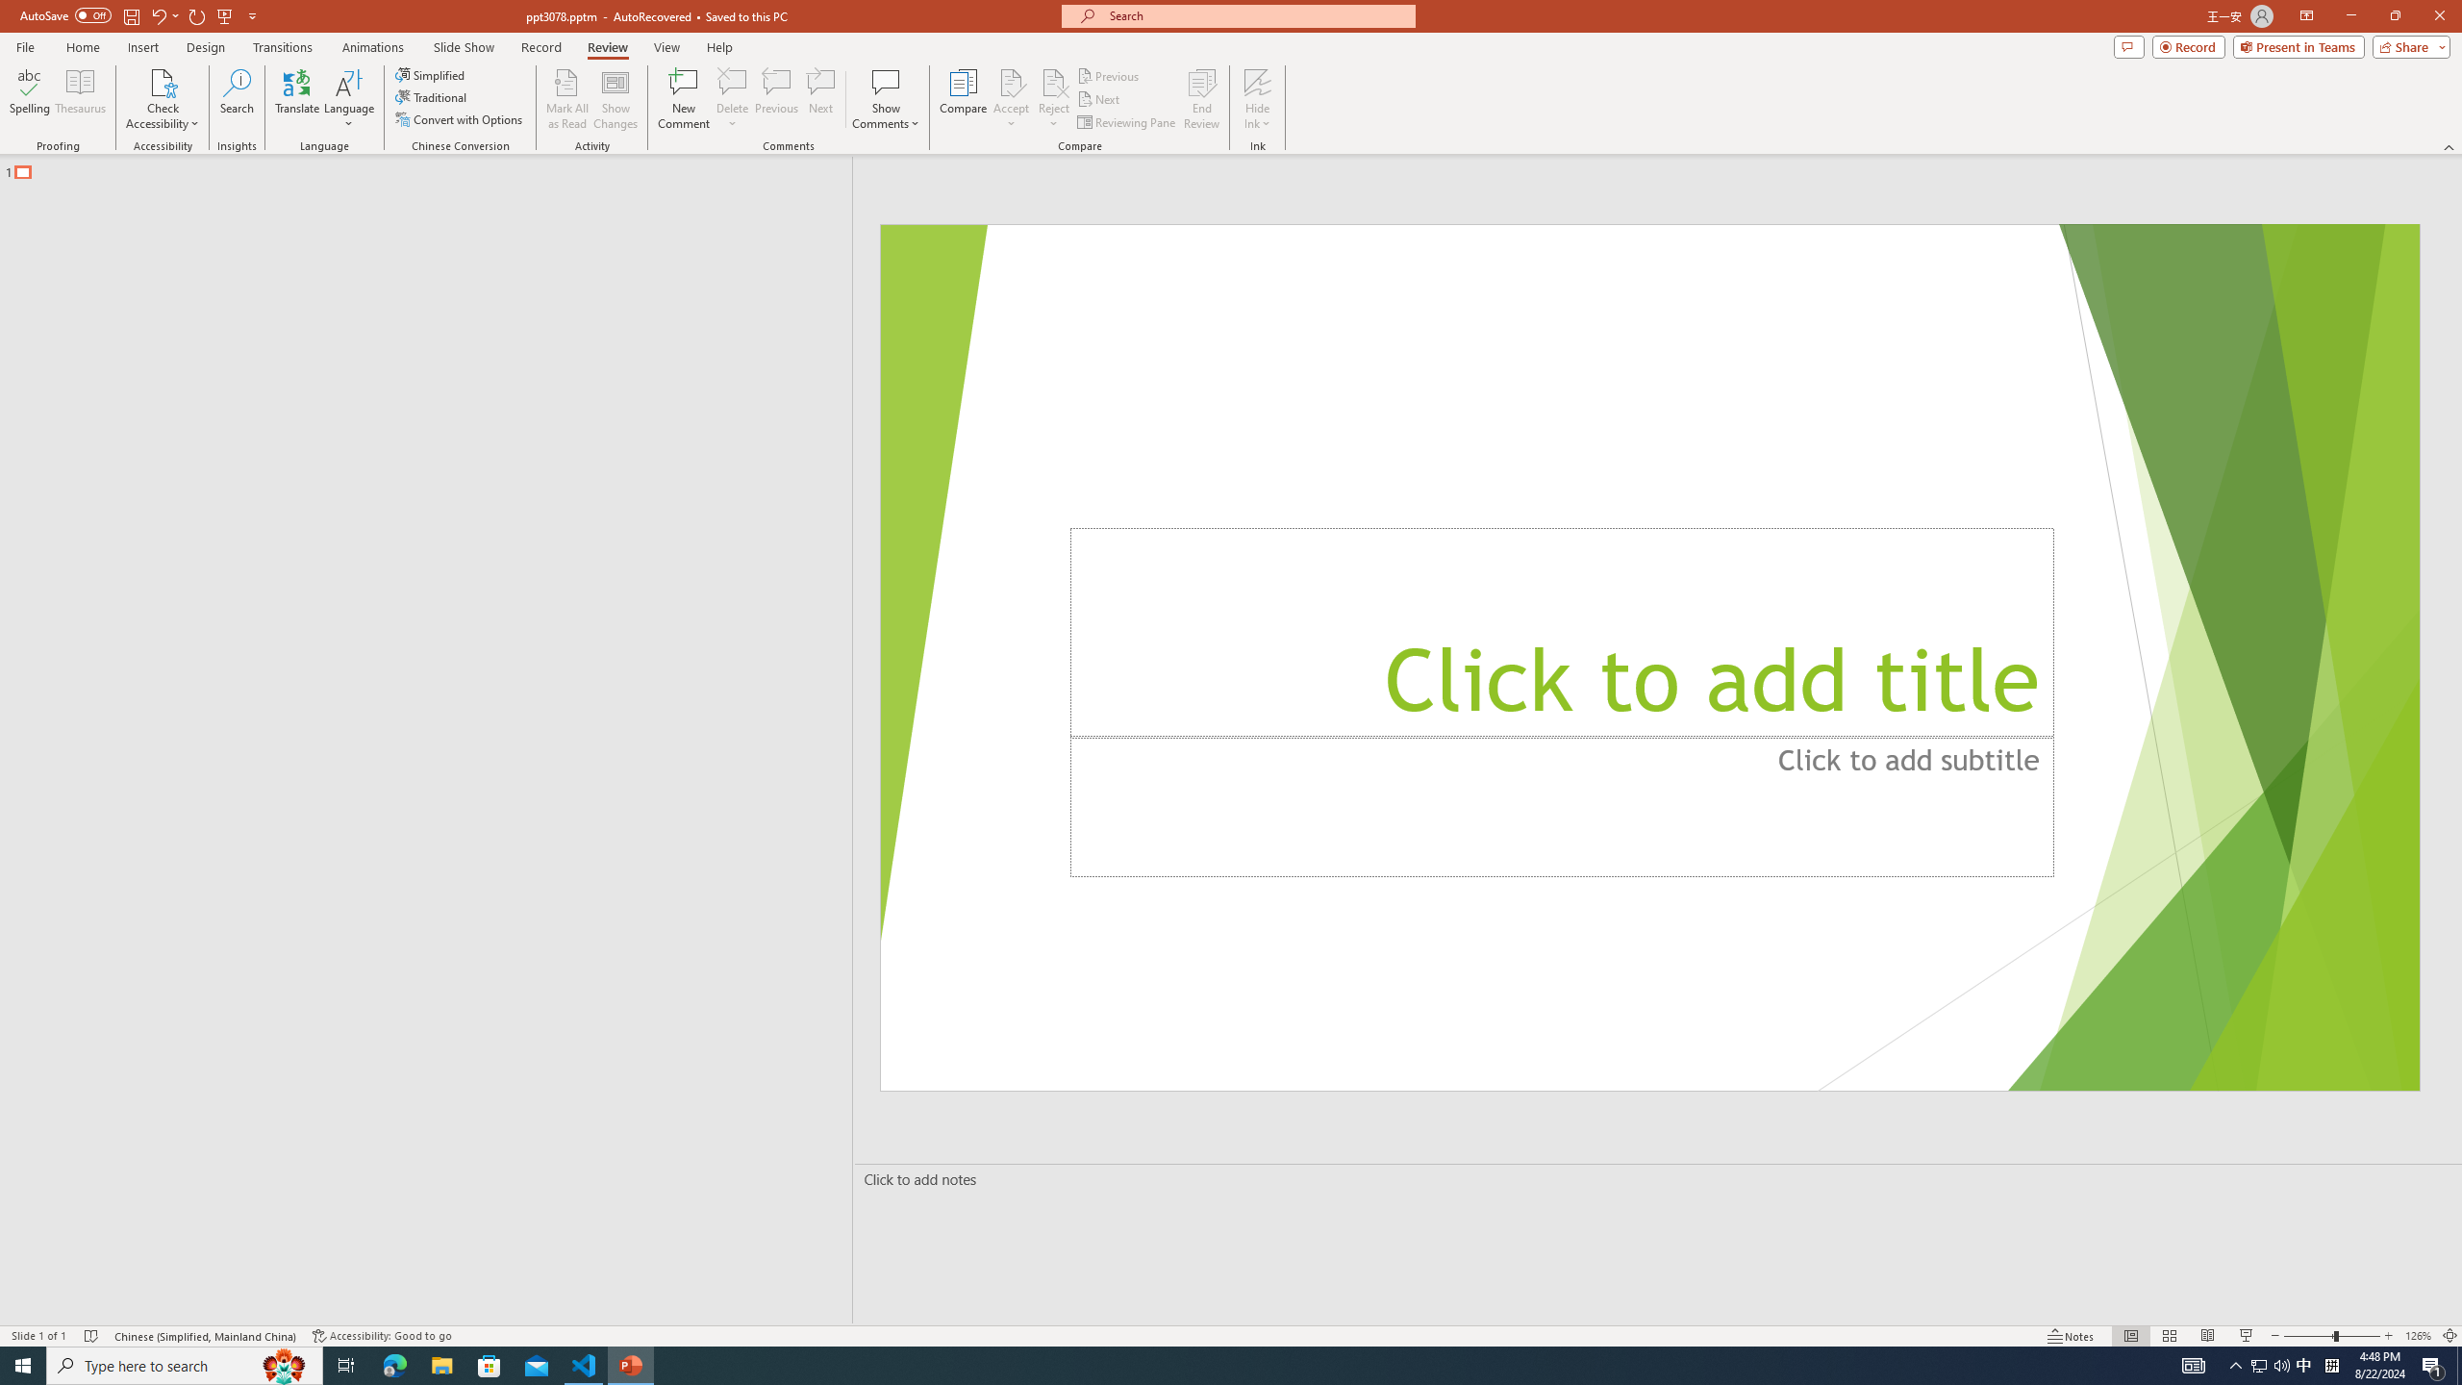 This screenshot has height=1385, width=2462. I want to click on 'Reject', so click(1052, 99).